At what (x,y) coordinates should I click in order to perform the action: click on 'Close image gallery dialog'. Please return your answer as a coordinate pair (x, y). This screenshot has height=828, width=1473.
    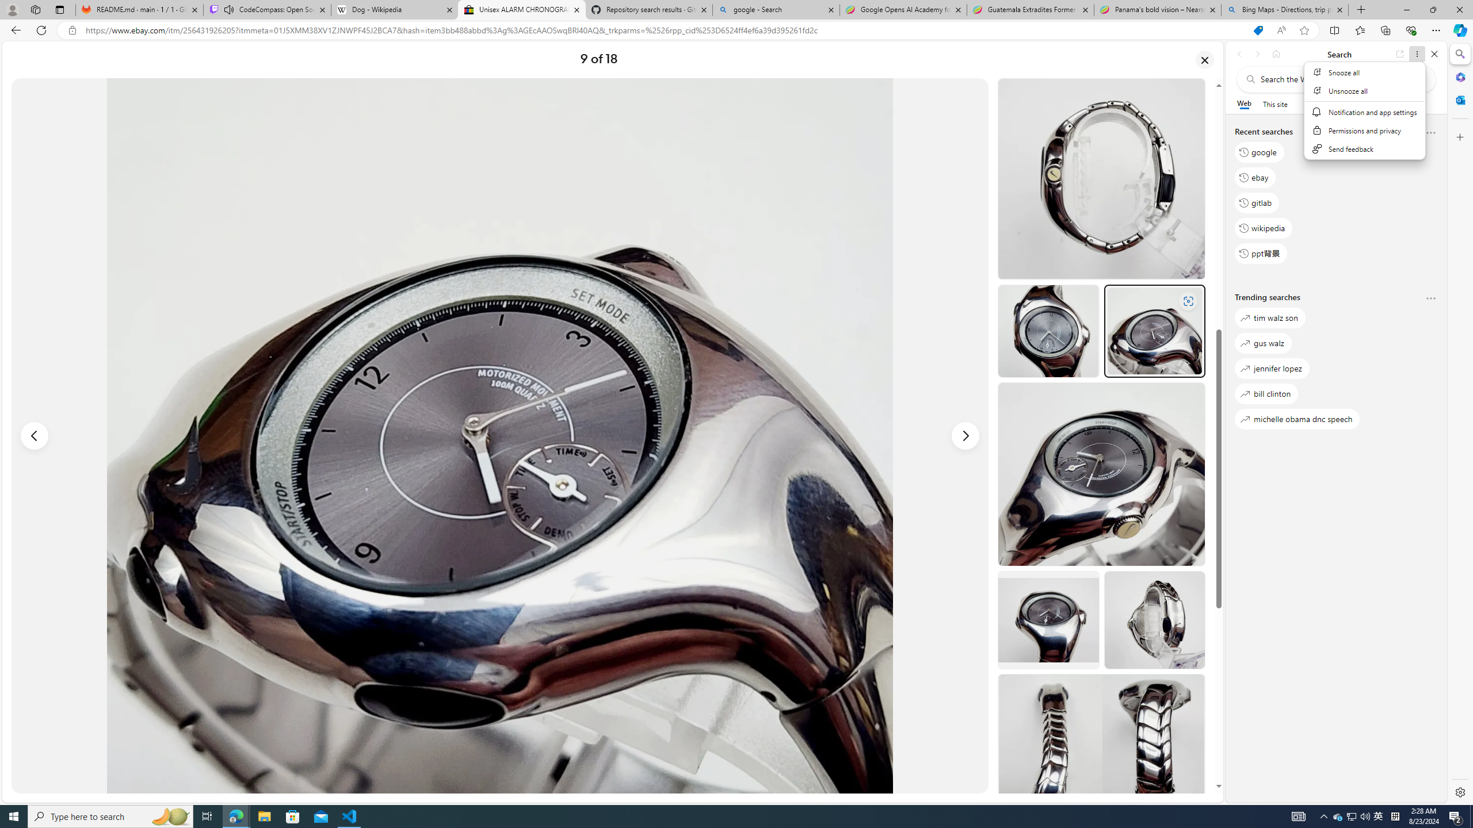
    Looking at the image, I should click on (1205, 59).